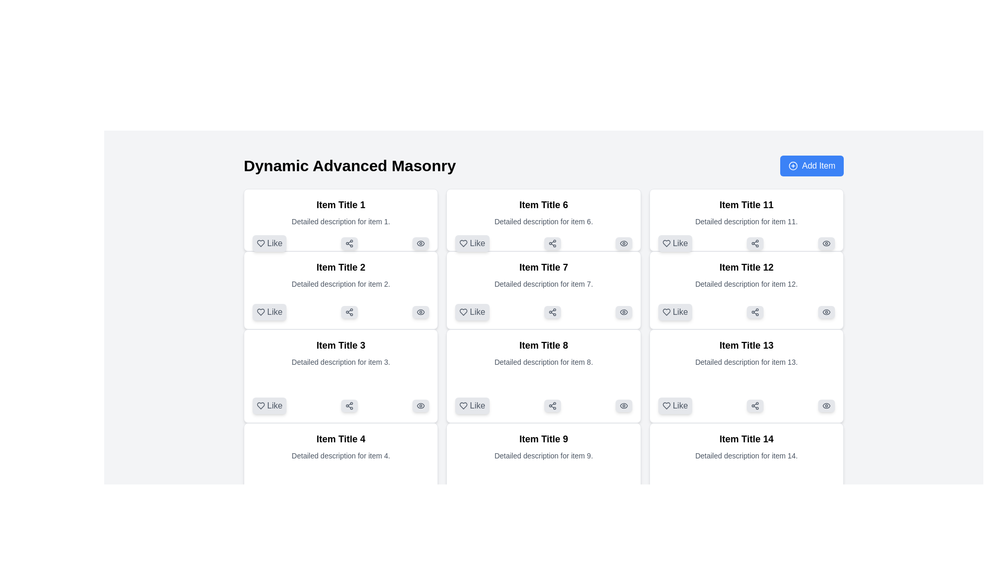 The height and width of the screenshot is (562, 1000). What do you see at coordinates (421, 405) in the screenshot?
I see `the 'view' button with icon associated with 'Item Title 3'` at bounding box center [421, 405].